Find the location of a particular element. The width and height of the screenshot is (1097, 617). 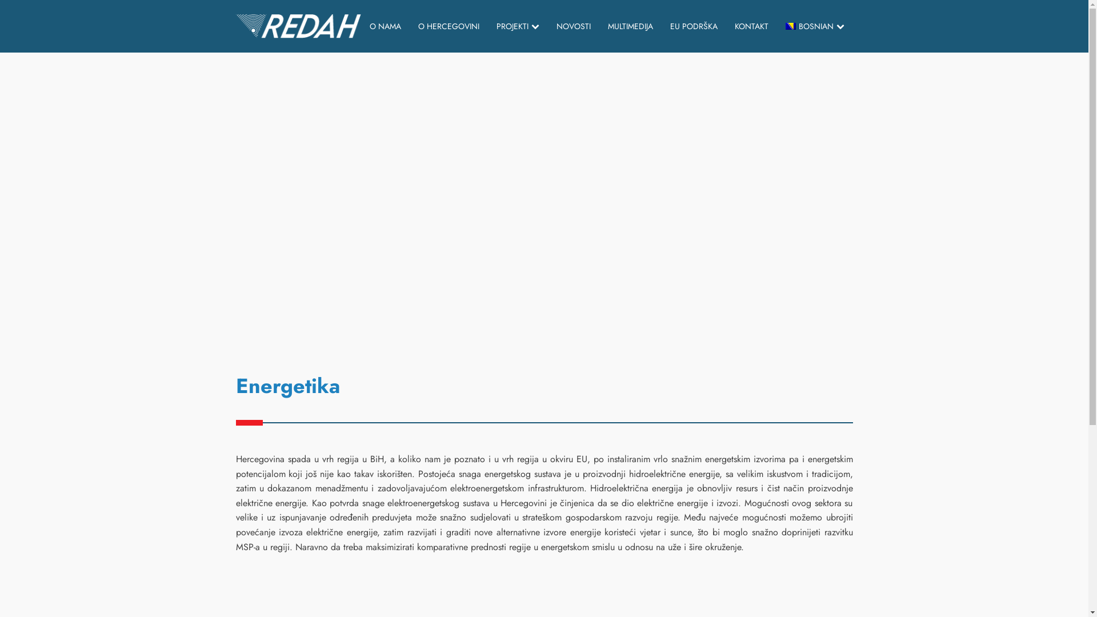

'NOVOSTI' is located at coordinates (573, 26).